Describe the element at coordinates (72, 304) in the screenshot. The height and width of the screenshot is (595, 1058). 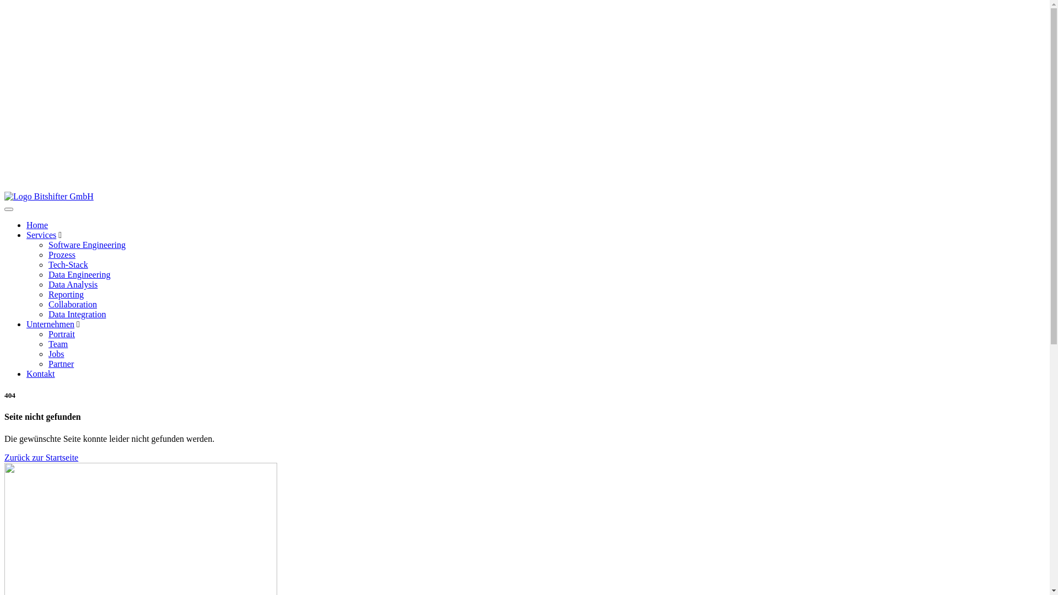
I see `'Collaboration'` at that location.